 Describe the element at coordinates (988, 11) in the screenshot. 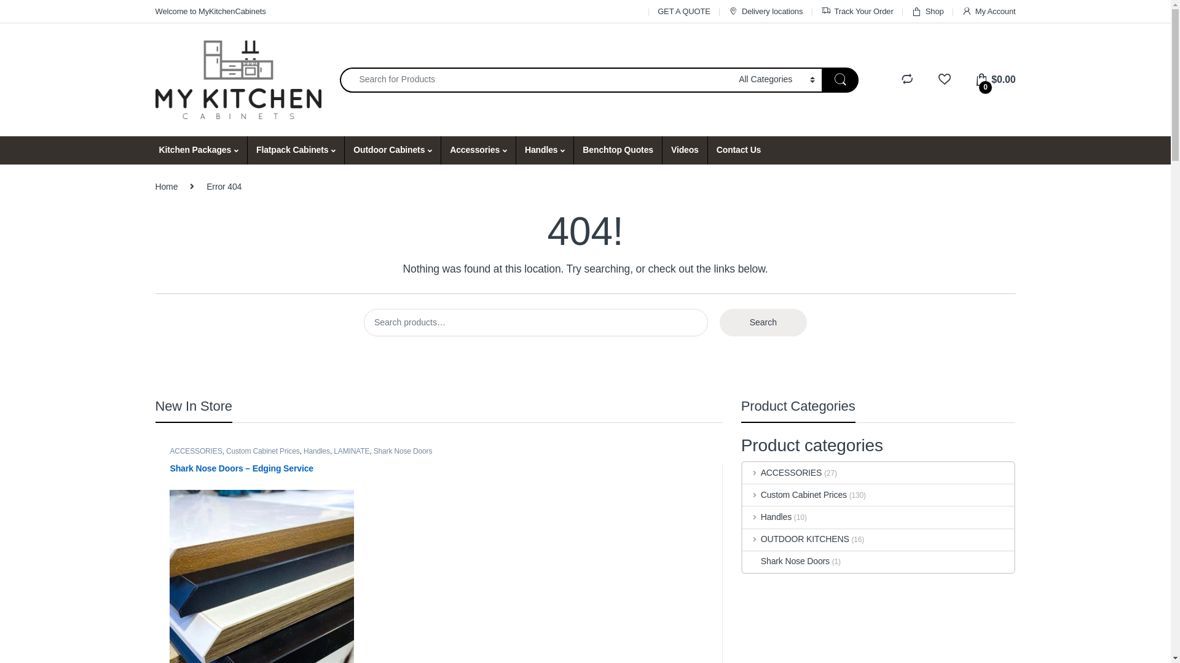

I see `'My Account'` at that location.